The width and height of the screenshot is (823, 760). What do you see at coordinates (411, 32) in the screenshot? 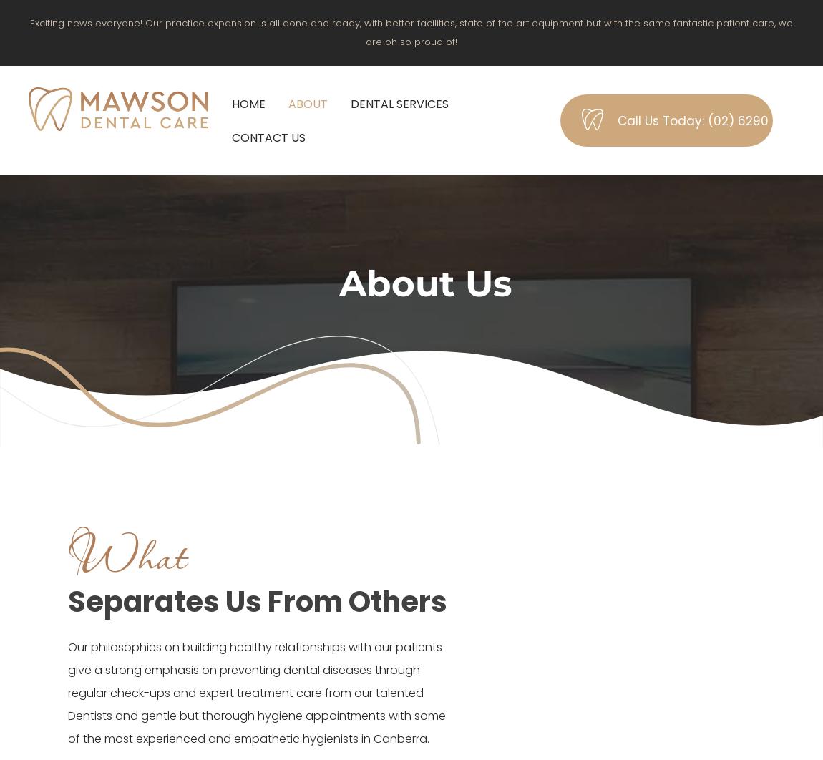
I see `'Exciting news everyone! Our practice expansion is all done and ready, with better facilities, state of the art equipment but with the same fantastic patient care, we are oh so proud of!'` at bounding box center [411, 32].